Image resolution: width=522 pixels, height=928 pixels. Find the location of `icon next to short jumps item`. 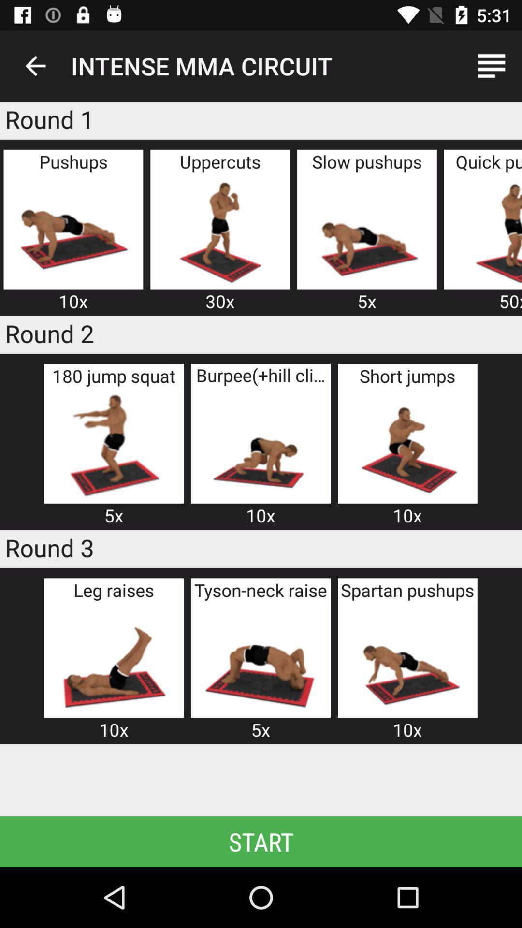

icon next to short jumps item is located at coordinates (260, 445).